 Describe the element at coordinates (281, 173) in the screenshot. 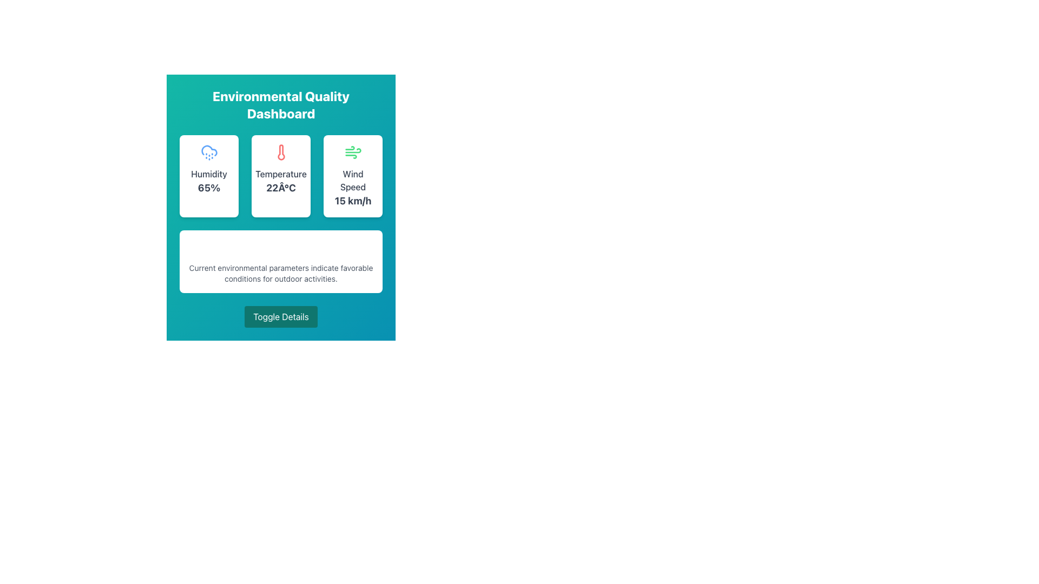

I see `the static text label displaying 'Temperature', which is located below a red thermometer icon and above the value '22°C' in the central card of a three-card layout` at that location.